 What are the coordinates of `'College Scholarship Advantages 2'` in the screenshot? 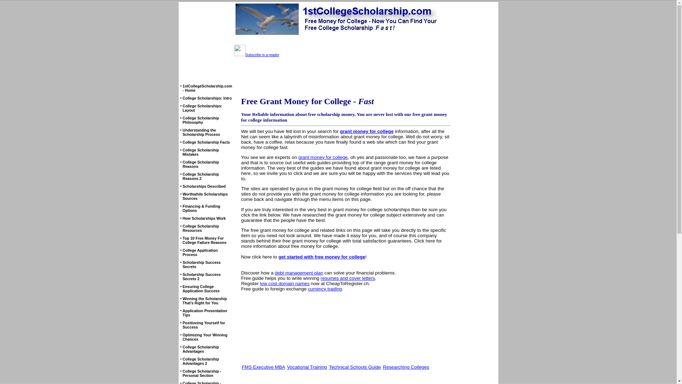 It's located at (200, 361).